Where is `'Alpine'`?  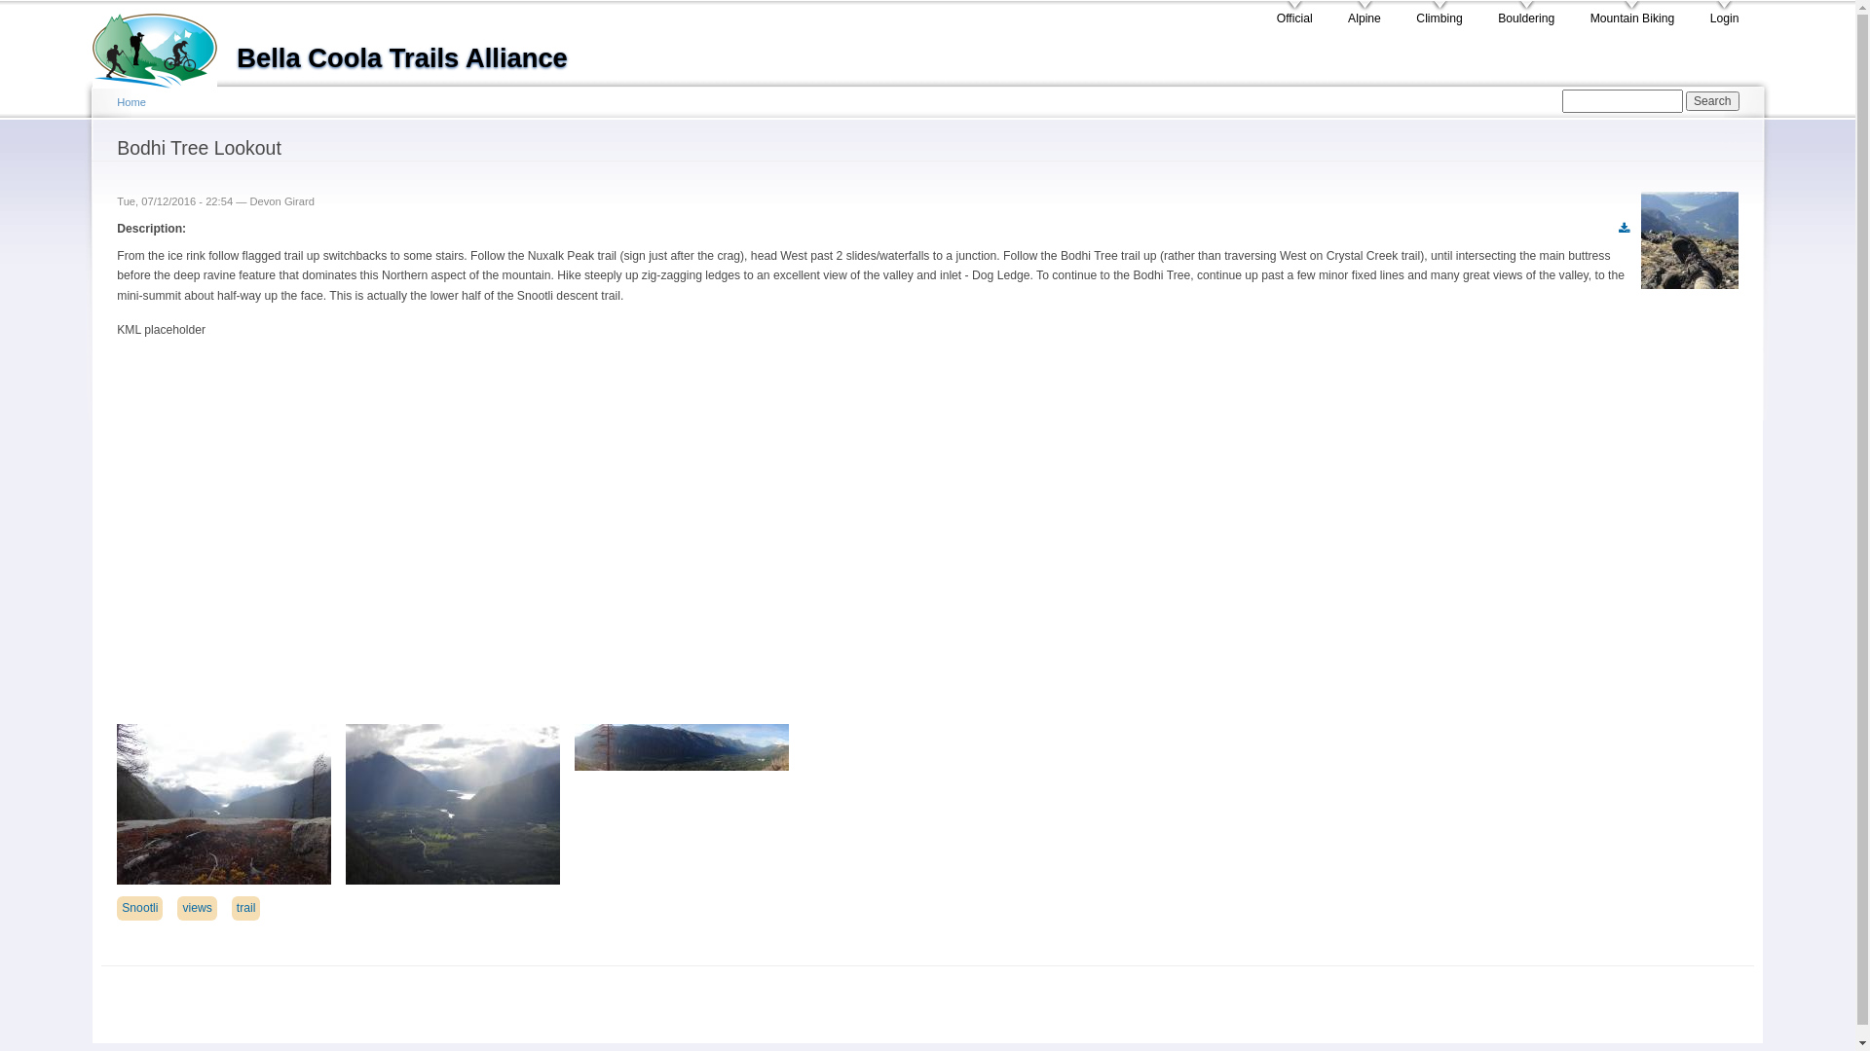
'Alpine' is located at coordinates (1346, 15).